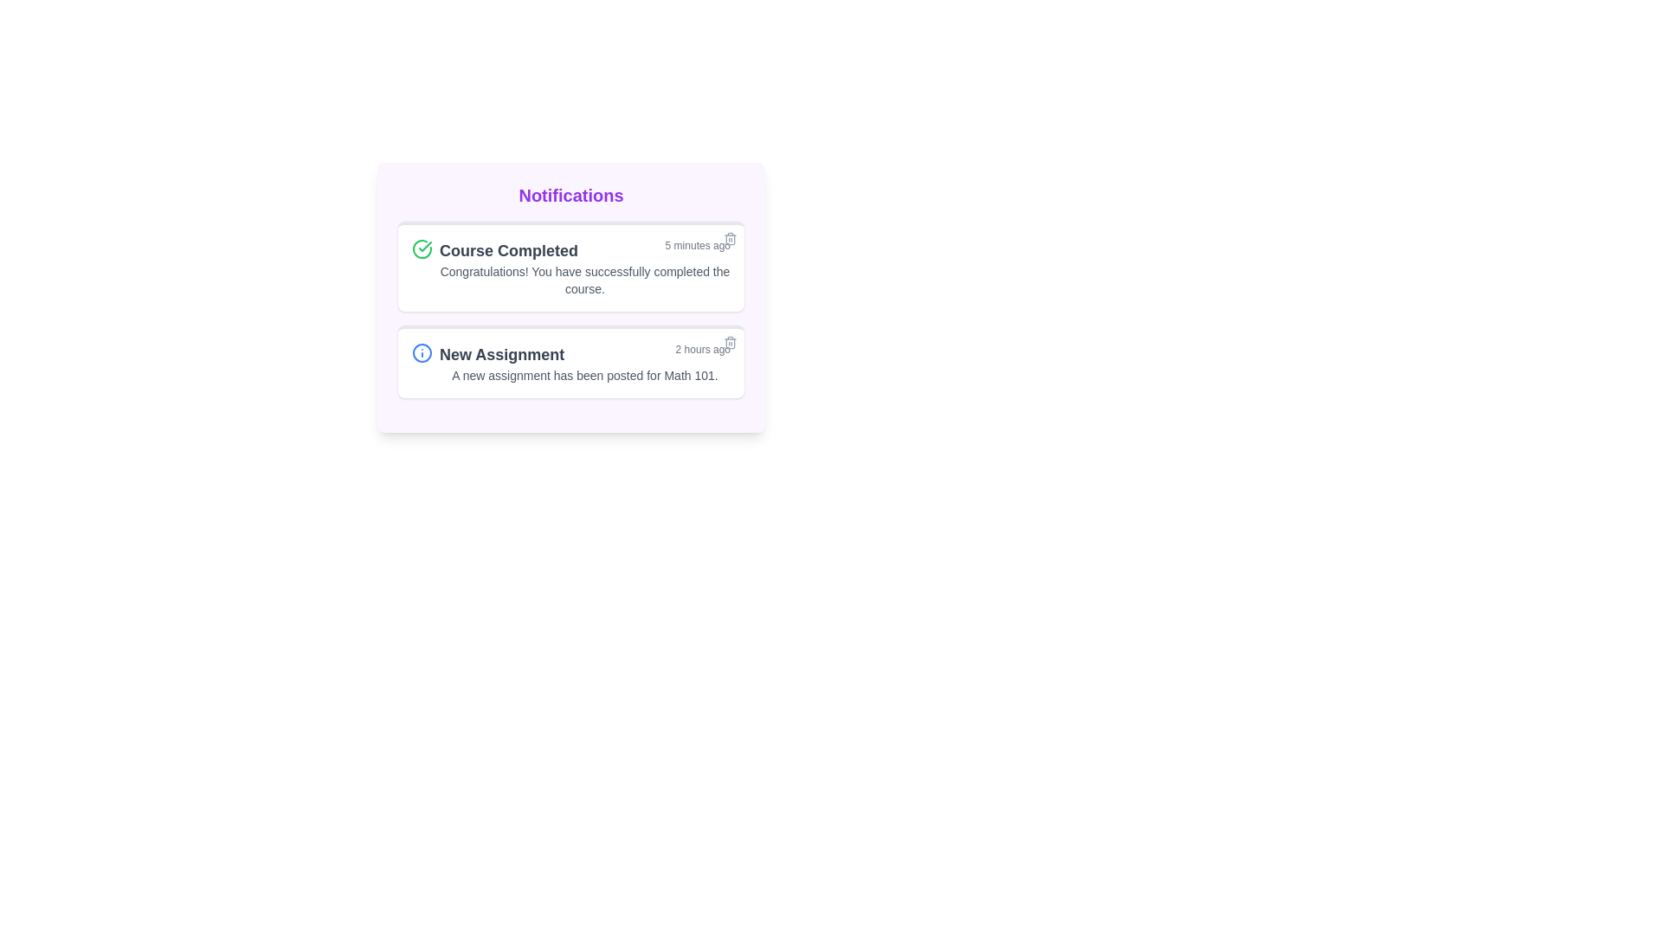 The height and width of the screenshot is (935, 1662). What do you see at coordinates (585, 268) in the screenshot?
I see `the Notification widget displaying 'Course Completed'` at bounding box center [585, 268].